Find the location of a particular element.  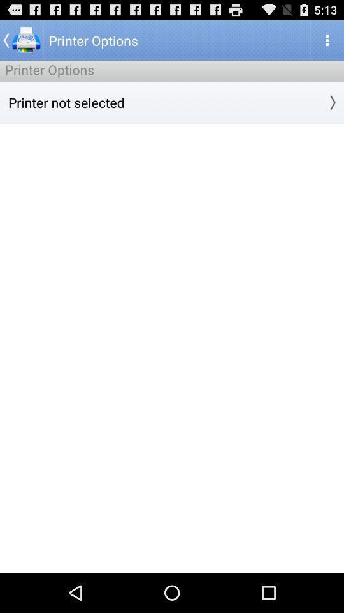

the app above the printer options item is located at coordinates (21, 40).